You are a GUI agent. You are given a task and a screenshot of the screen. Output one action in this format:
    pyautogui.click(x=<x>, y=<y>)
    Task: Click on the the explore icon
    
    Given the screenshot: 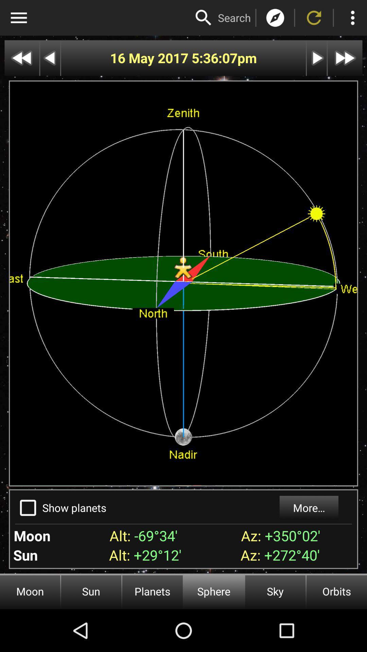 What is the action you would take?
    pyautogui.click(x=275, y=18)
    